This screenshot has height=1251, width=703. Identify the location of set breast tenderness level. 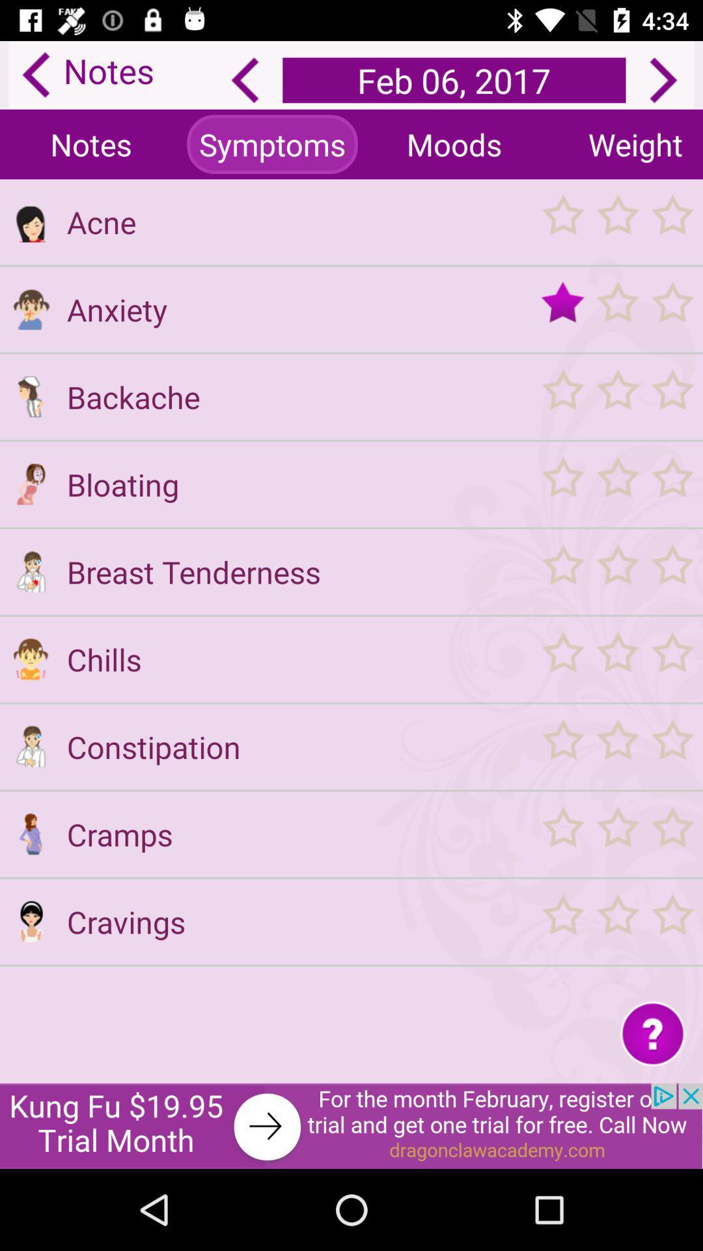
(616, 571).